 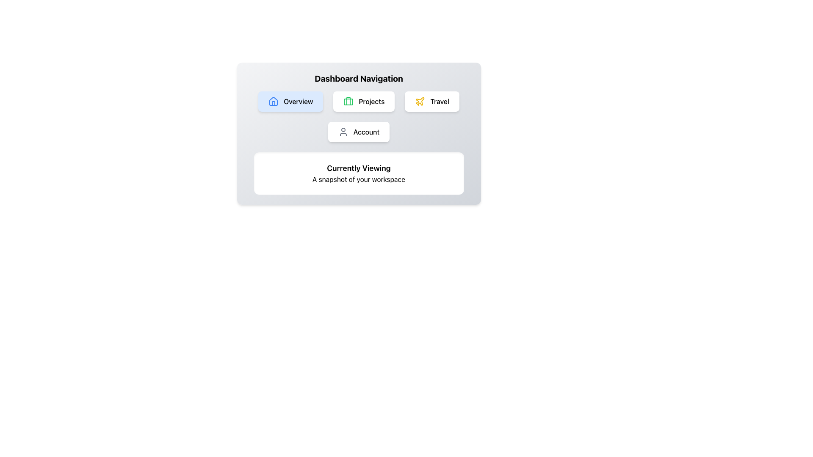 I want to click on text label that says 'A snapshot of your workspace', which is located immediately below the heading 'Currently Viewing' in a white rectangular section, so click(x=359, y=179).